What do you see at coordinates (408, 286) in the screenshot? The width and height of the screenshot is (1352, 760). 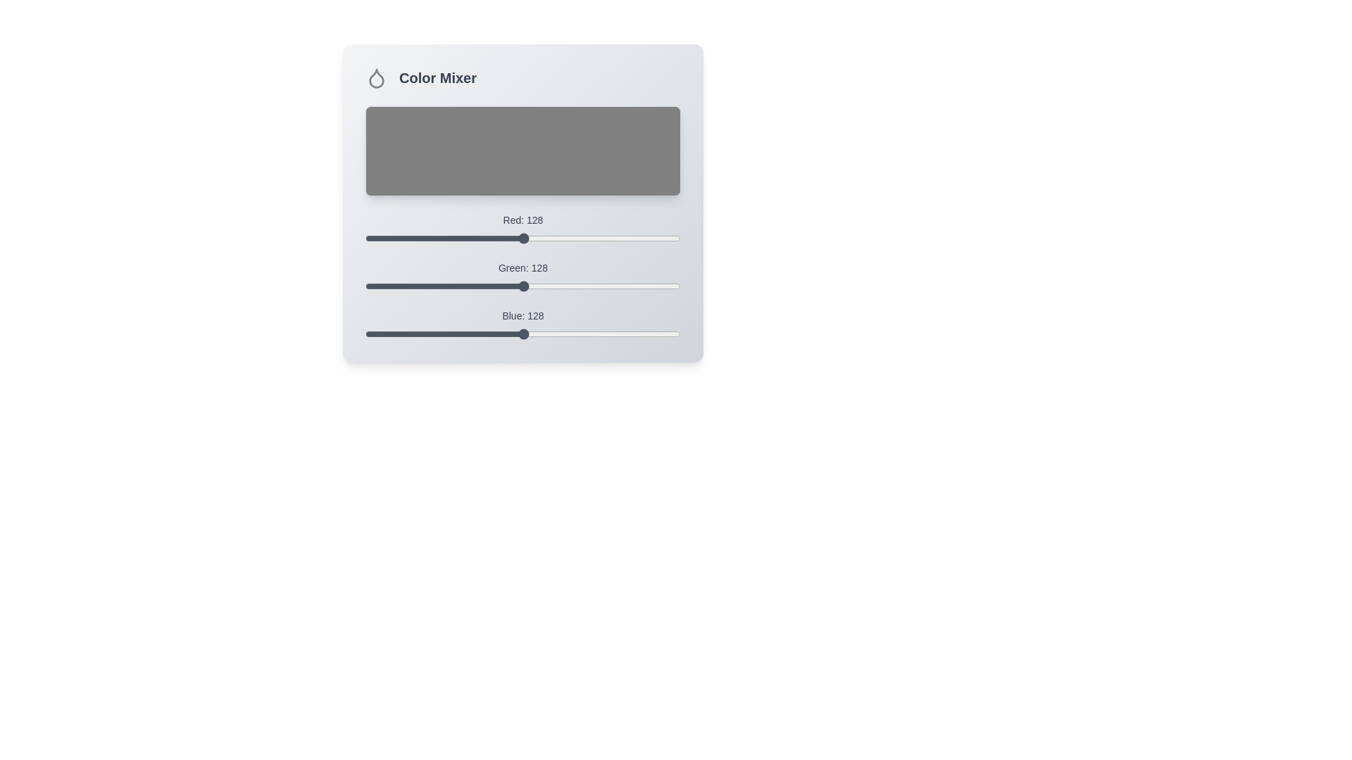 I see `the green slider to 35` at bounding box center [408, 286].